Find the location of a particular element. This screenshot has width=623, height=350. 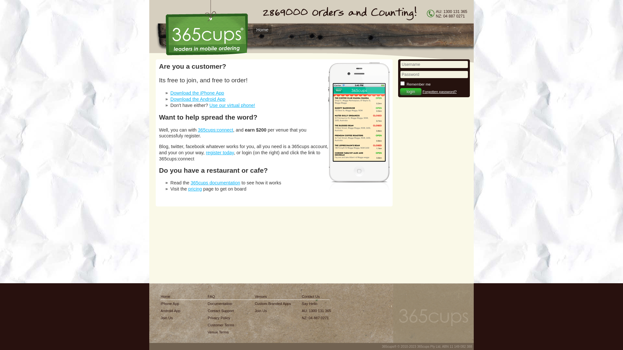

'Home' is located at coordinates (262, 29).